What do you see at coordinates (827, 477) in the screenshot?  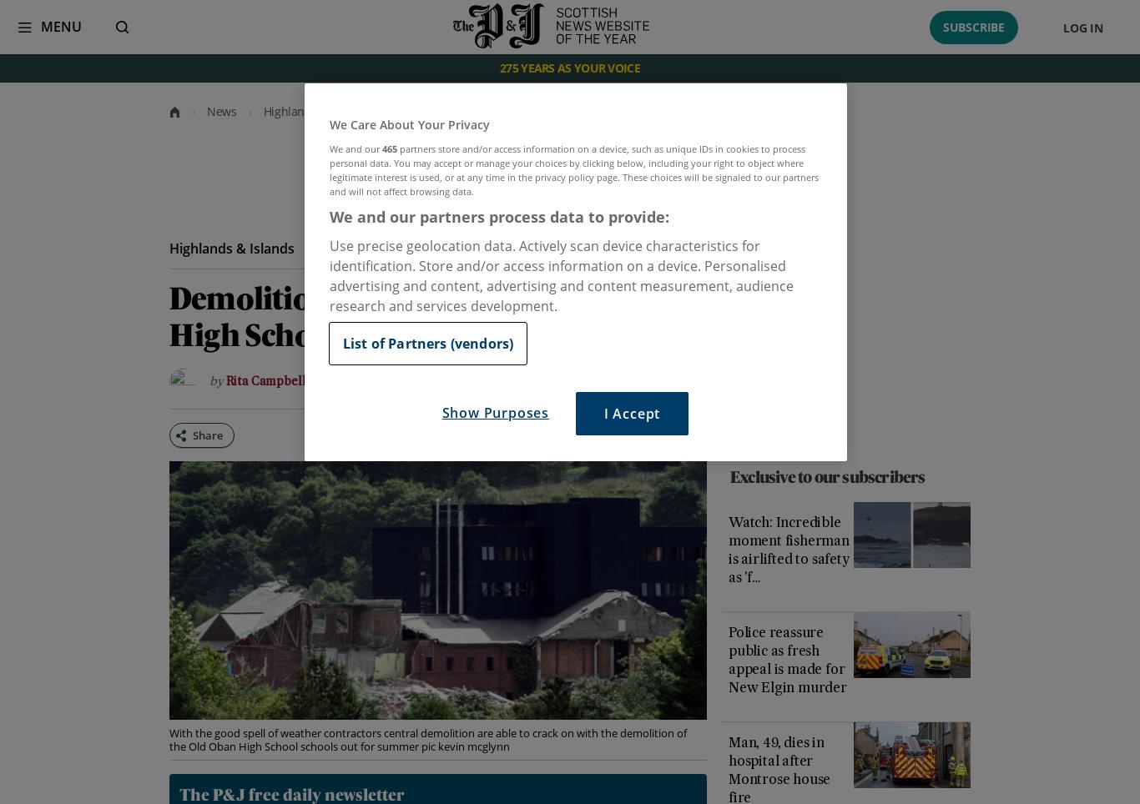 I see `'Exclusive to our subscribers'` at bounding box center [827, 477].